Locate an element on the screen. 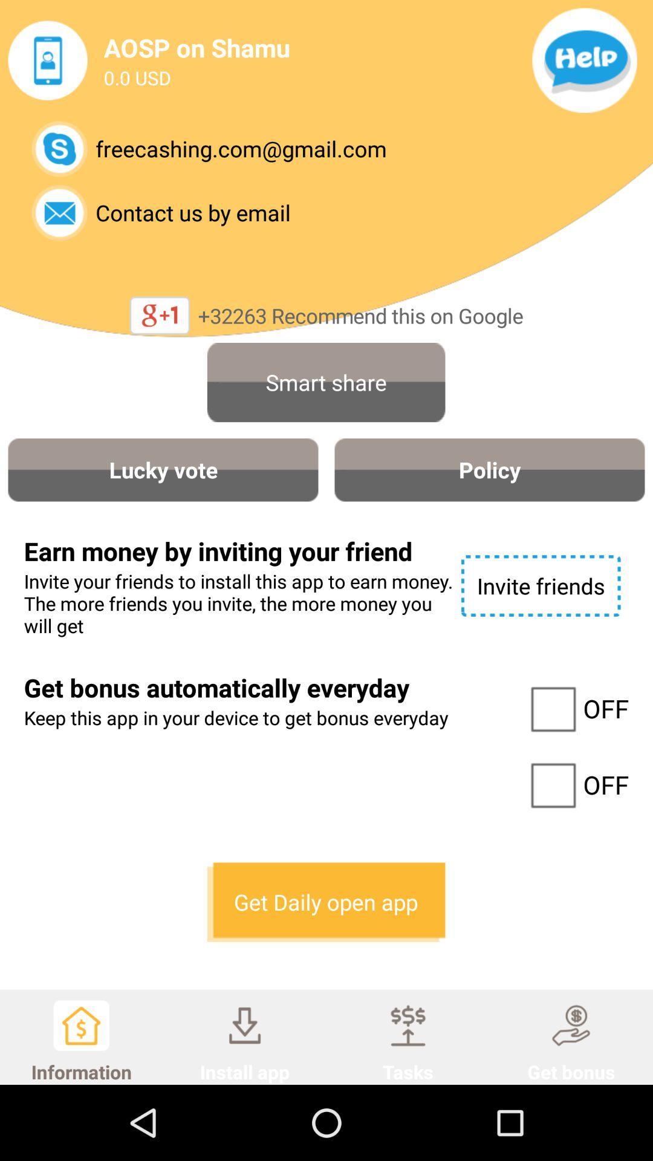  gmail.opening button is located at coordinates (59, 148).